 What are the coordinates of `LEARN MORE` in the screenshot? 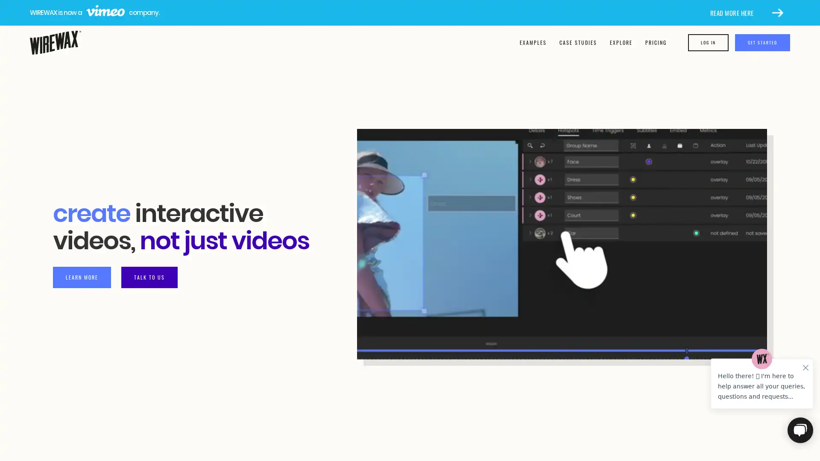 It's located at (82, 277).